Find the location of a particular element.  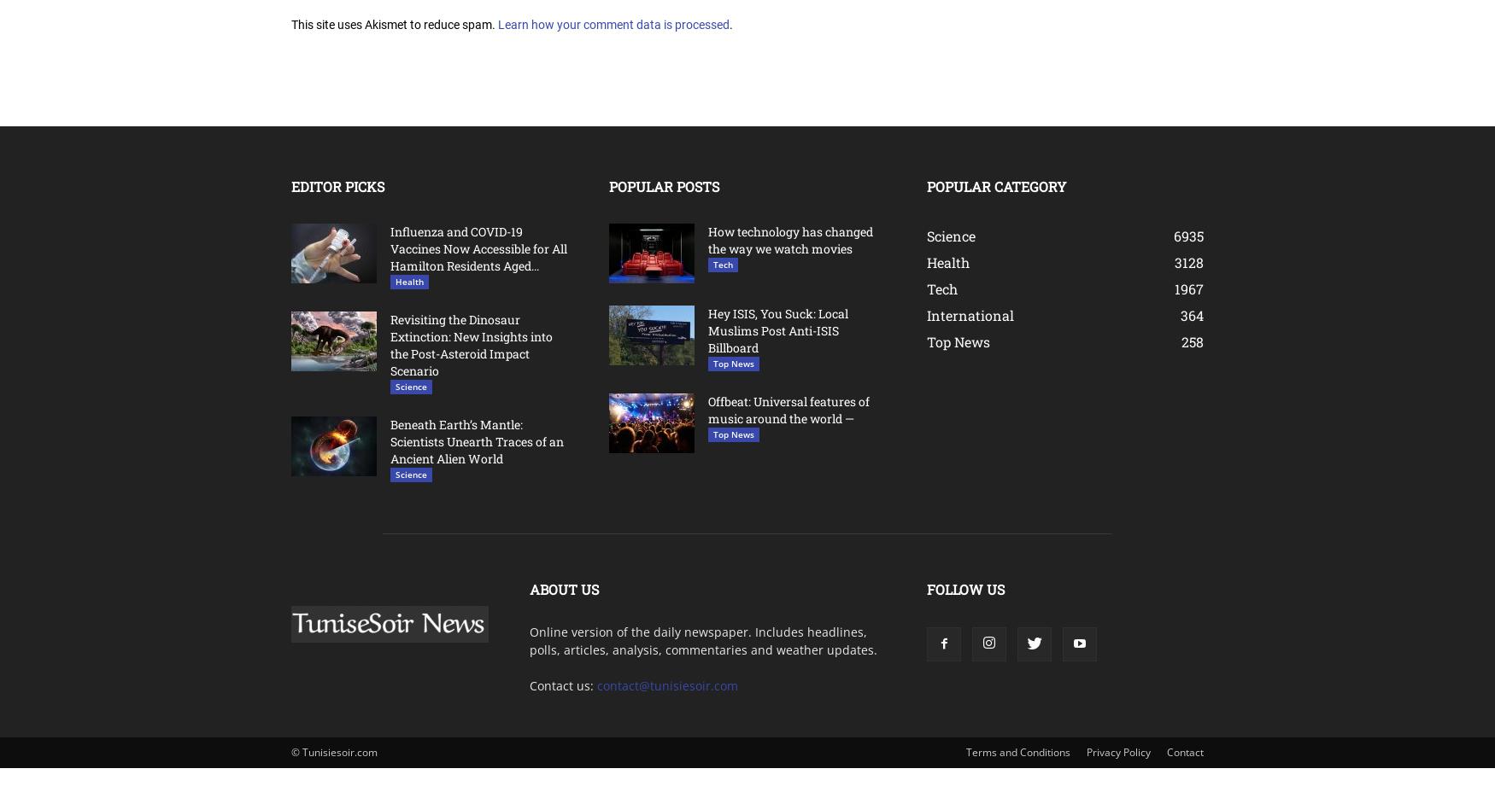

'contact@tunisiesoir.com' is located at coordinates (666, 684).